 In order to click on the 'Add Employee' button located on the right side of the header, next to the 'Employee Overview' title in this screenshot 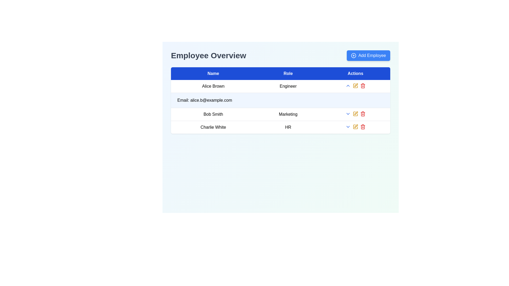, I will do `click(368, 55)`.